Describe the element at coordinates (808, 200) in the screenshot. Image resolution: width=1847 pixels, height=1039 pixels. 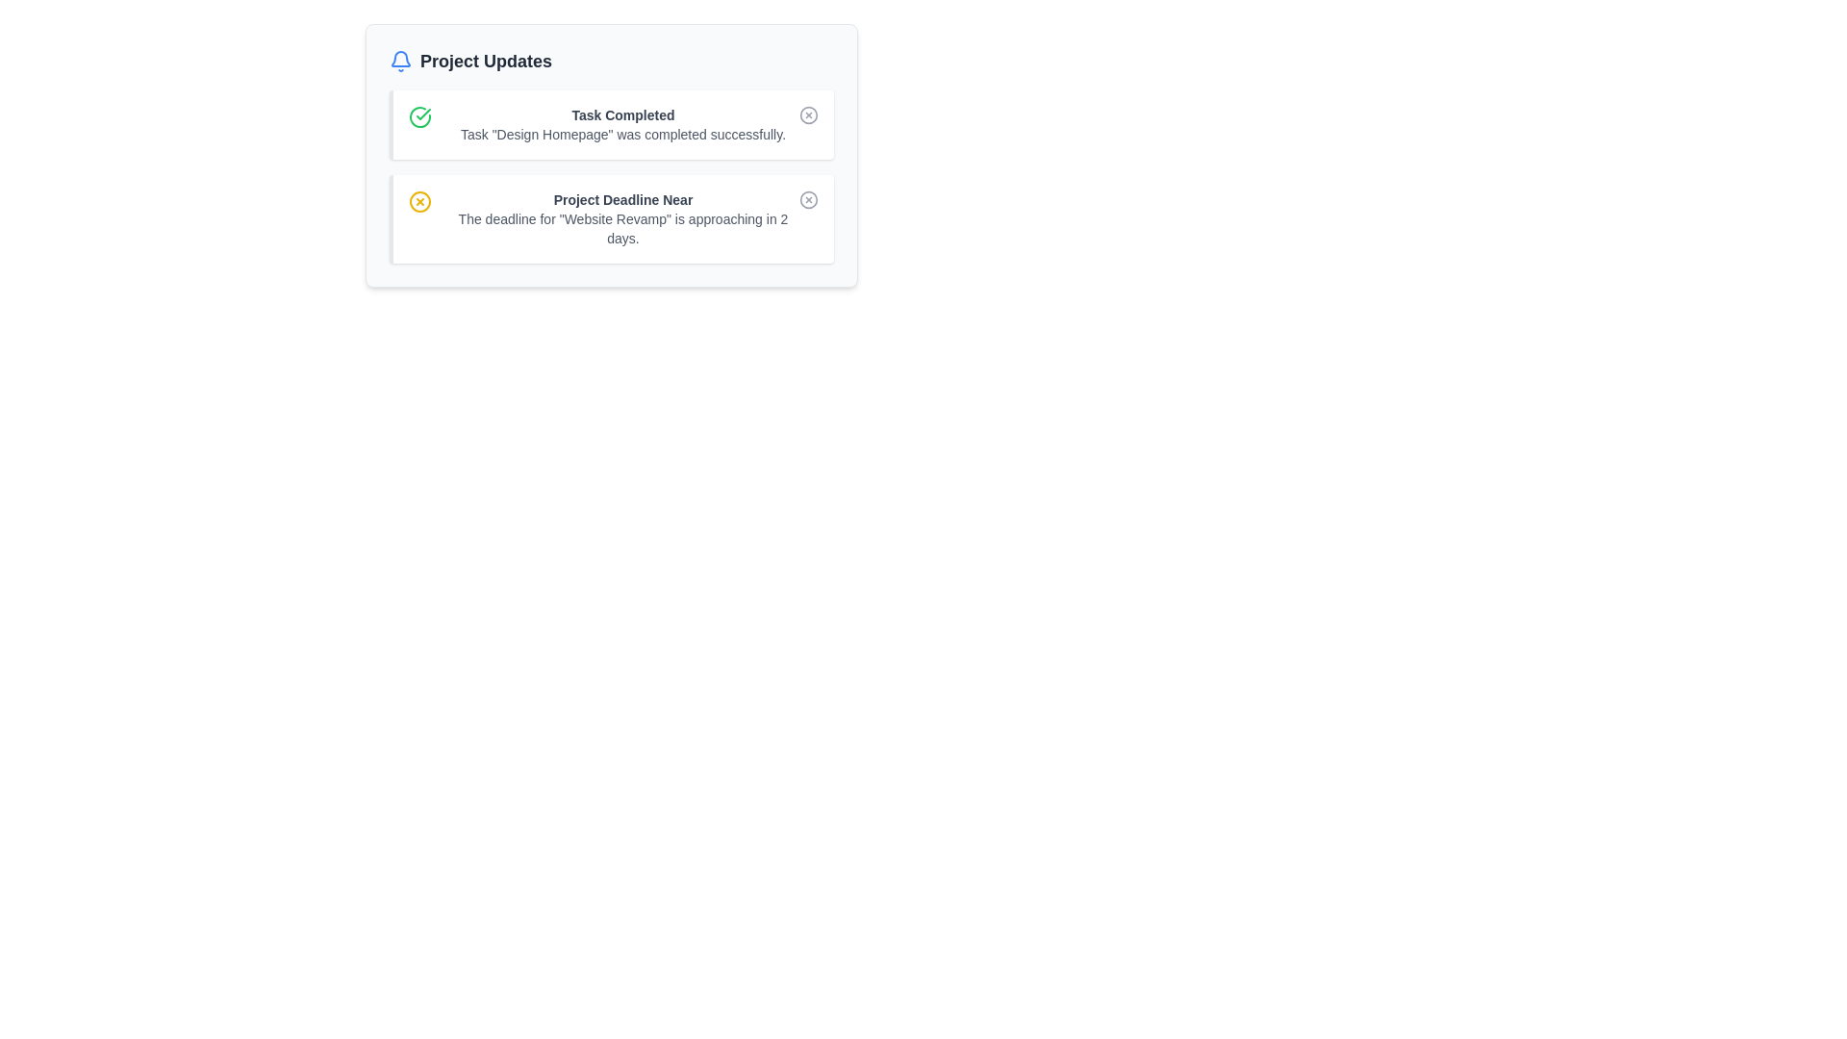
I see `the dismiss button located at the top-right corner of the 'Project Deadline Near' notification` at that location.